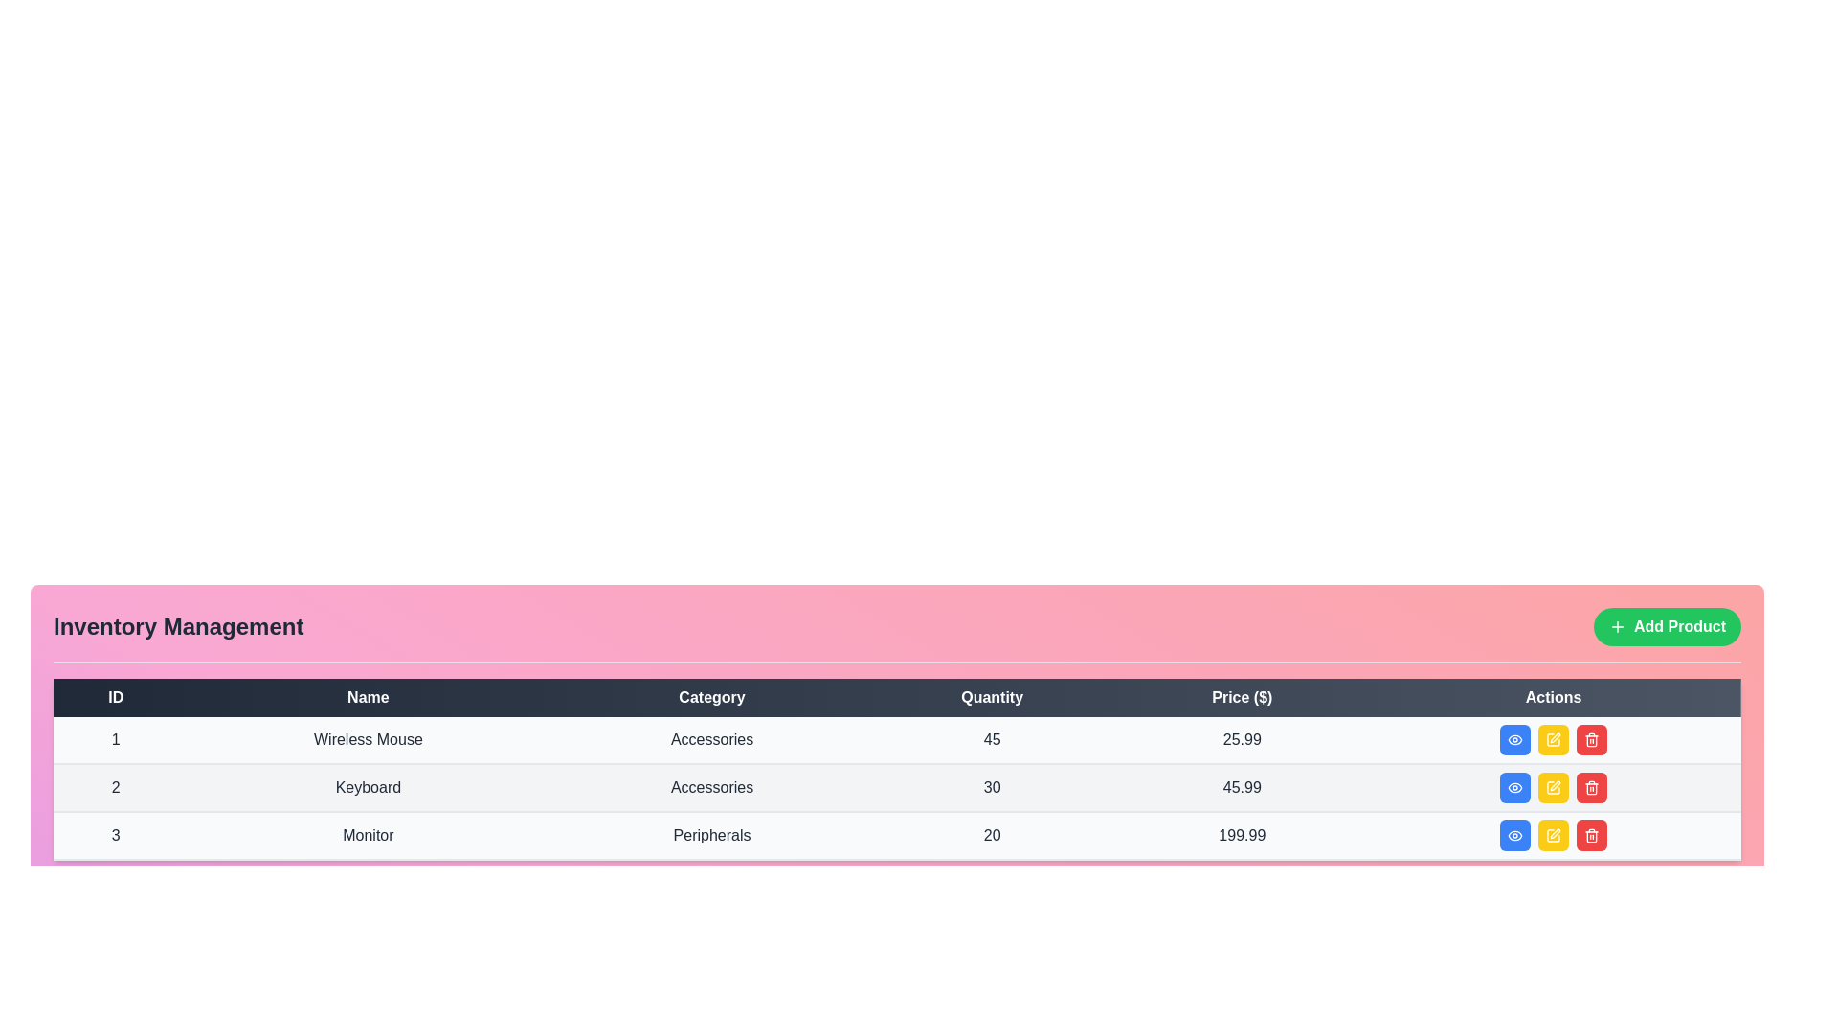  I want to click on the edit button in the 'Actions' column of the first row of the inventory table, so click(1553, 738).